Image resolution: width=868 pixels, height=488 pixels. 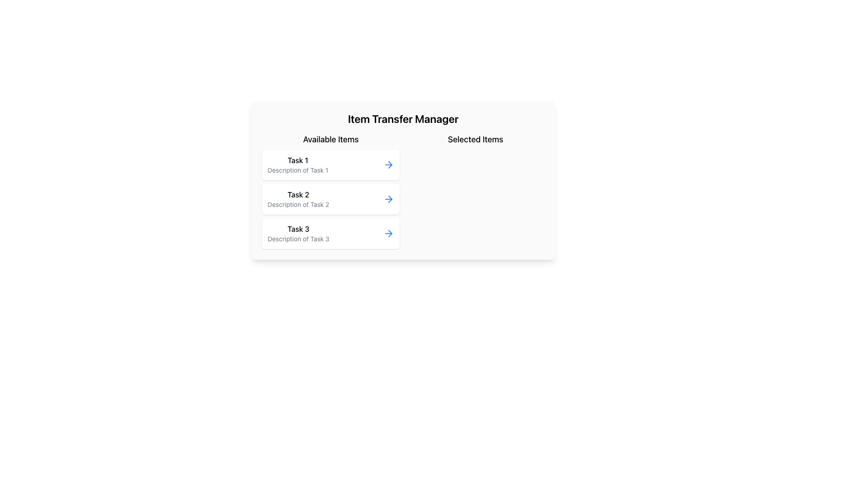 What do you see at coordinates (330, 139) in the screenshot?
I see `the Text Label that defines the section for available items, positioned above 'Task 1', 'Task 2', and 'Task 3'` at bounding box center [330, 139].